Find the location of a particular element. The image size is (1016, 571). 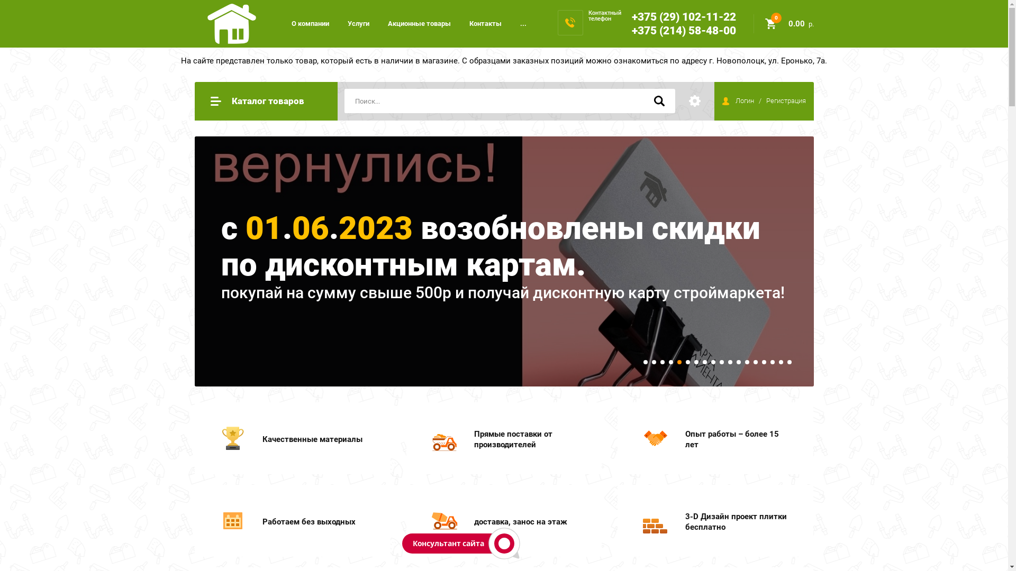

'7' is located at coordinates (696, 362).